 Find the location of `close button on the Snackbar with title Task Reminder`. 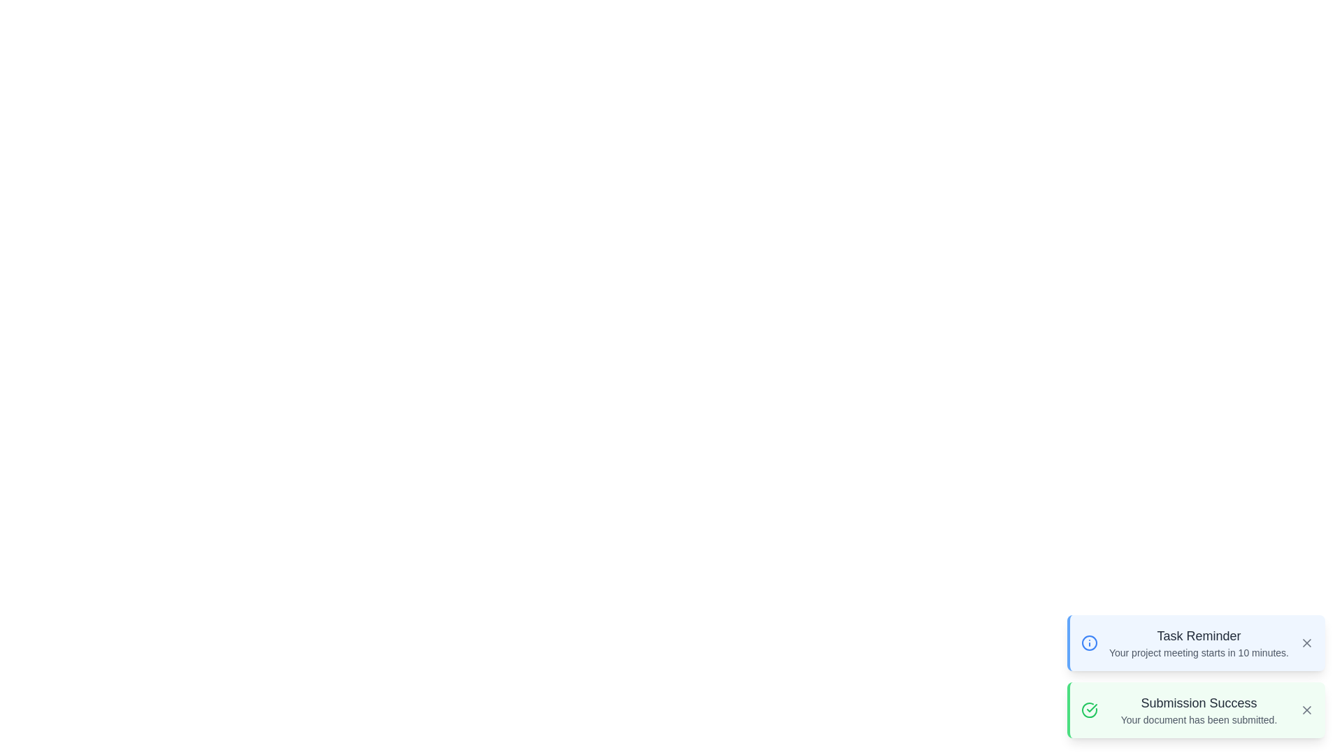

close button on the Snackbar with title Task Reminder is located at coordinates (1306, 643).